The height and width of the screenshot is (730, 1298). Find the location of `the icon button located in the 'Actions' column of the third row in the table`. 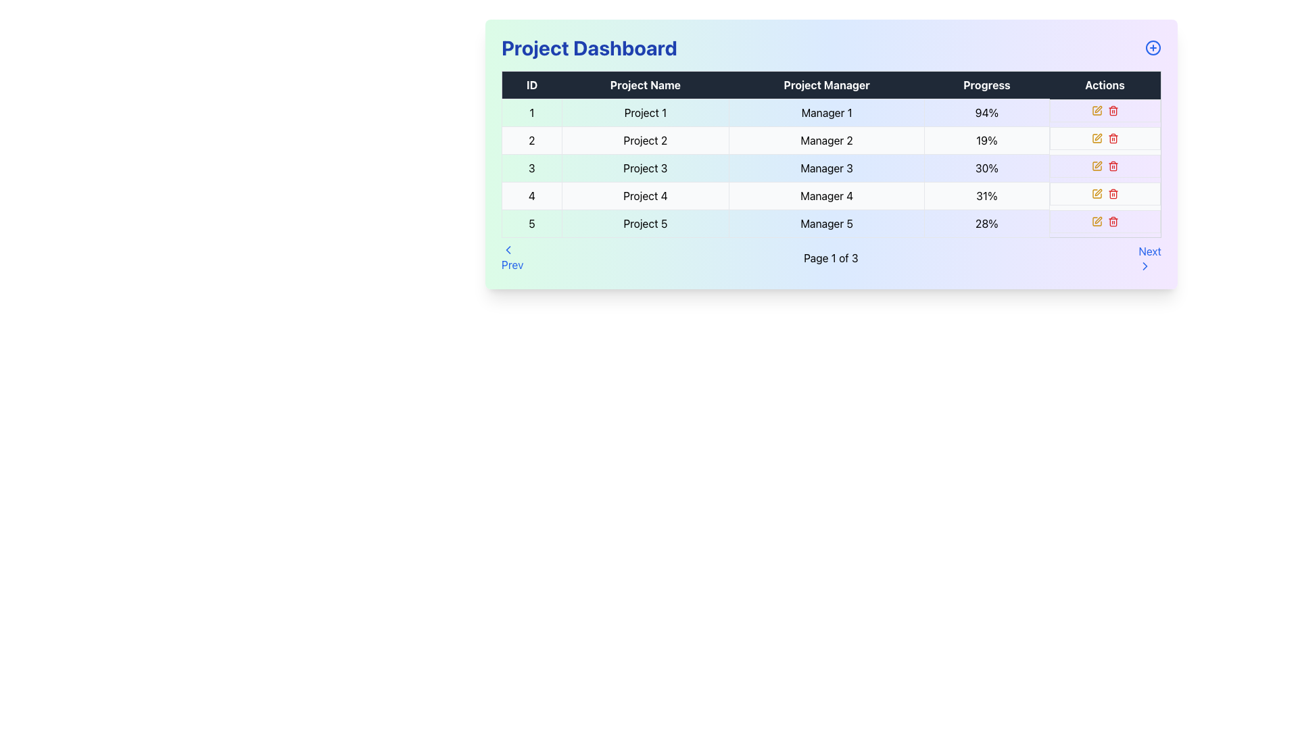

the icon button located in the 'Actions' column of the third row in the table is located at coordinates (1097, 165).